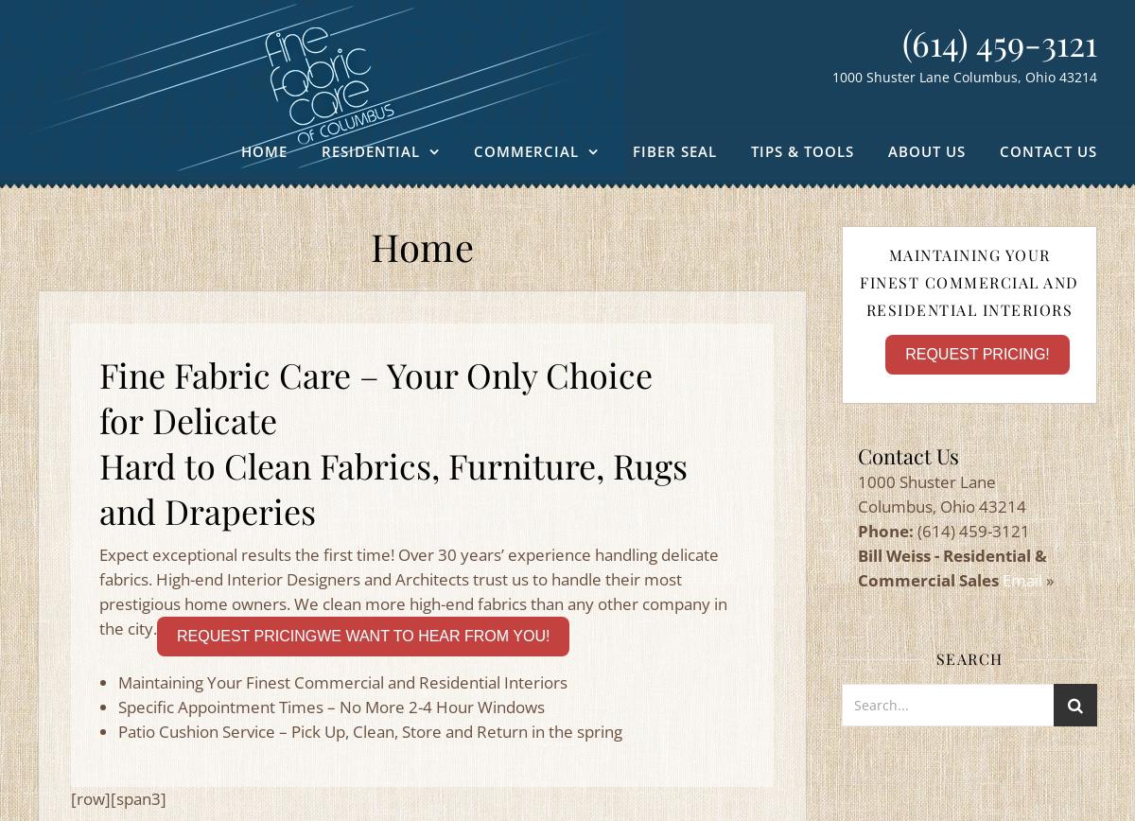 This screenshot has height=821, width=1135. Describe the element at coordinates (1021, 580) in the screenshot. I see `'Email'` at that location.